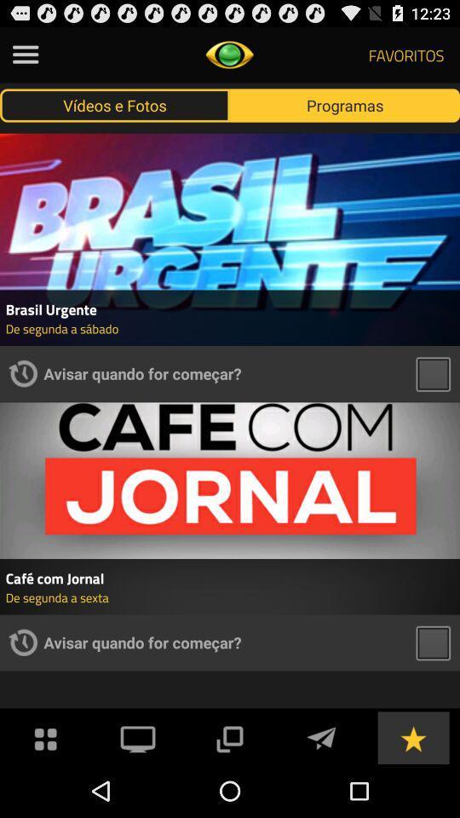 The width and height of the screenshot is (460, 818). What do you see at coordinates (229, 736) in the screenshot?
I see `copy option` at bounding box center [229, 736].